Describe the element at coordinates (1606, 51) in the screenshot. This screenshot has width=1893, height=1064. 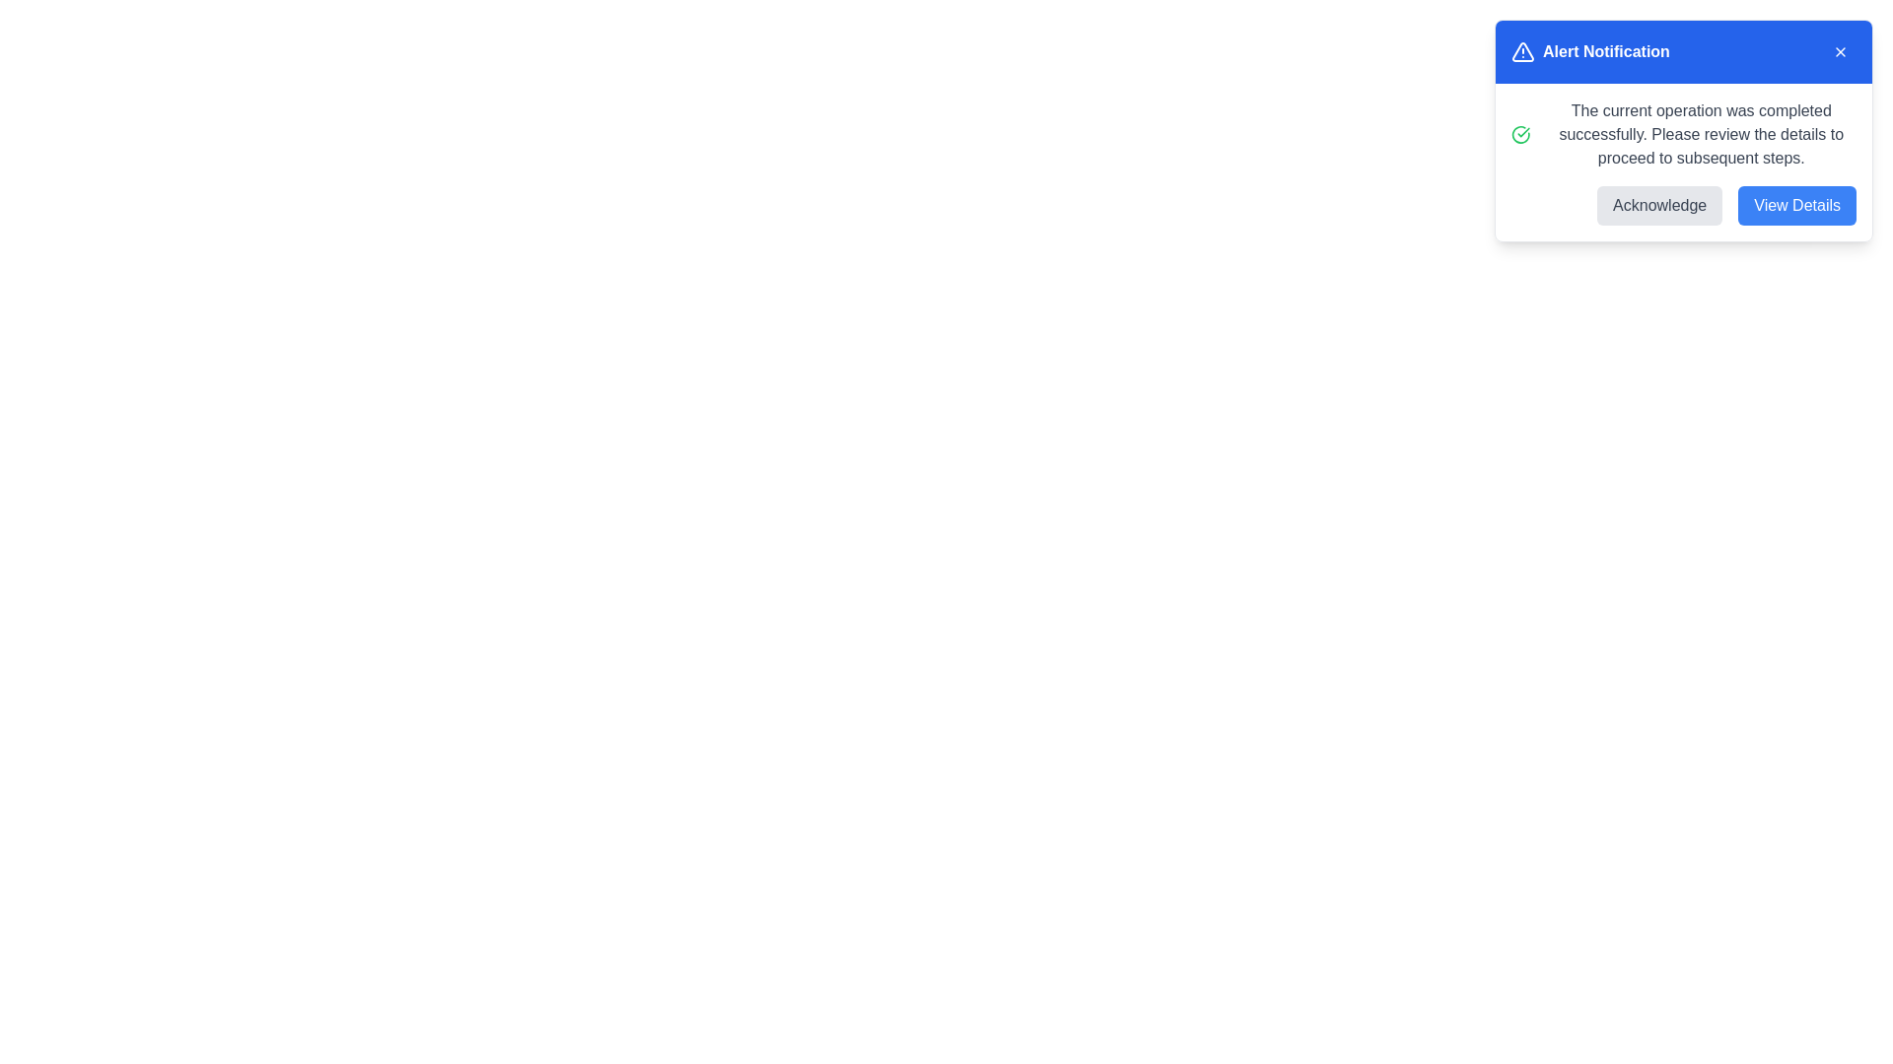
I see `the 'Alert Notification' static text, which is displayed in bold white font on a blue background, located at the upper center of the modal dialog box` at that location.